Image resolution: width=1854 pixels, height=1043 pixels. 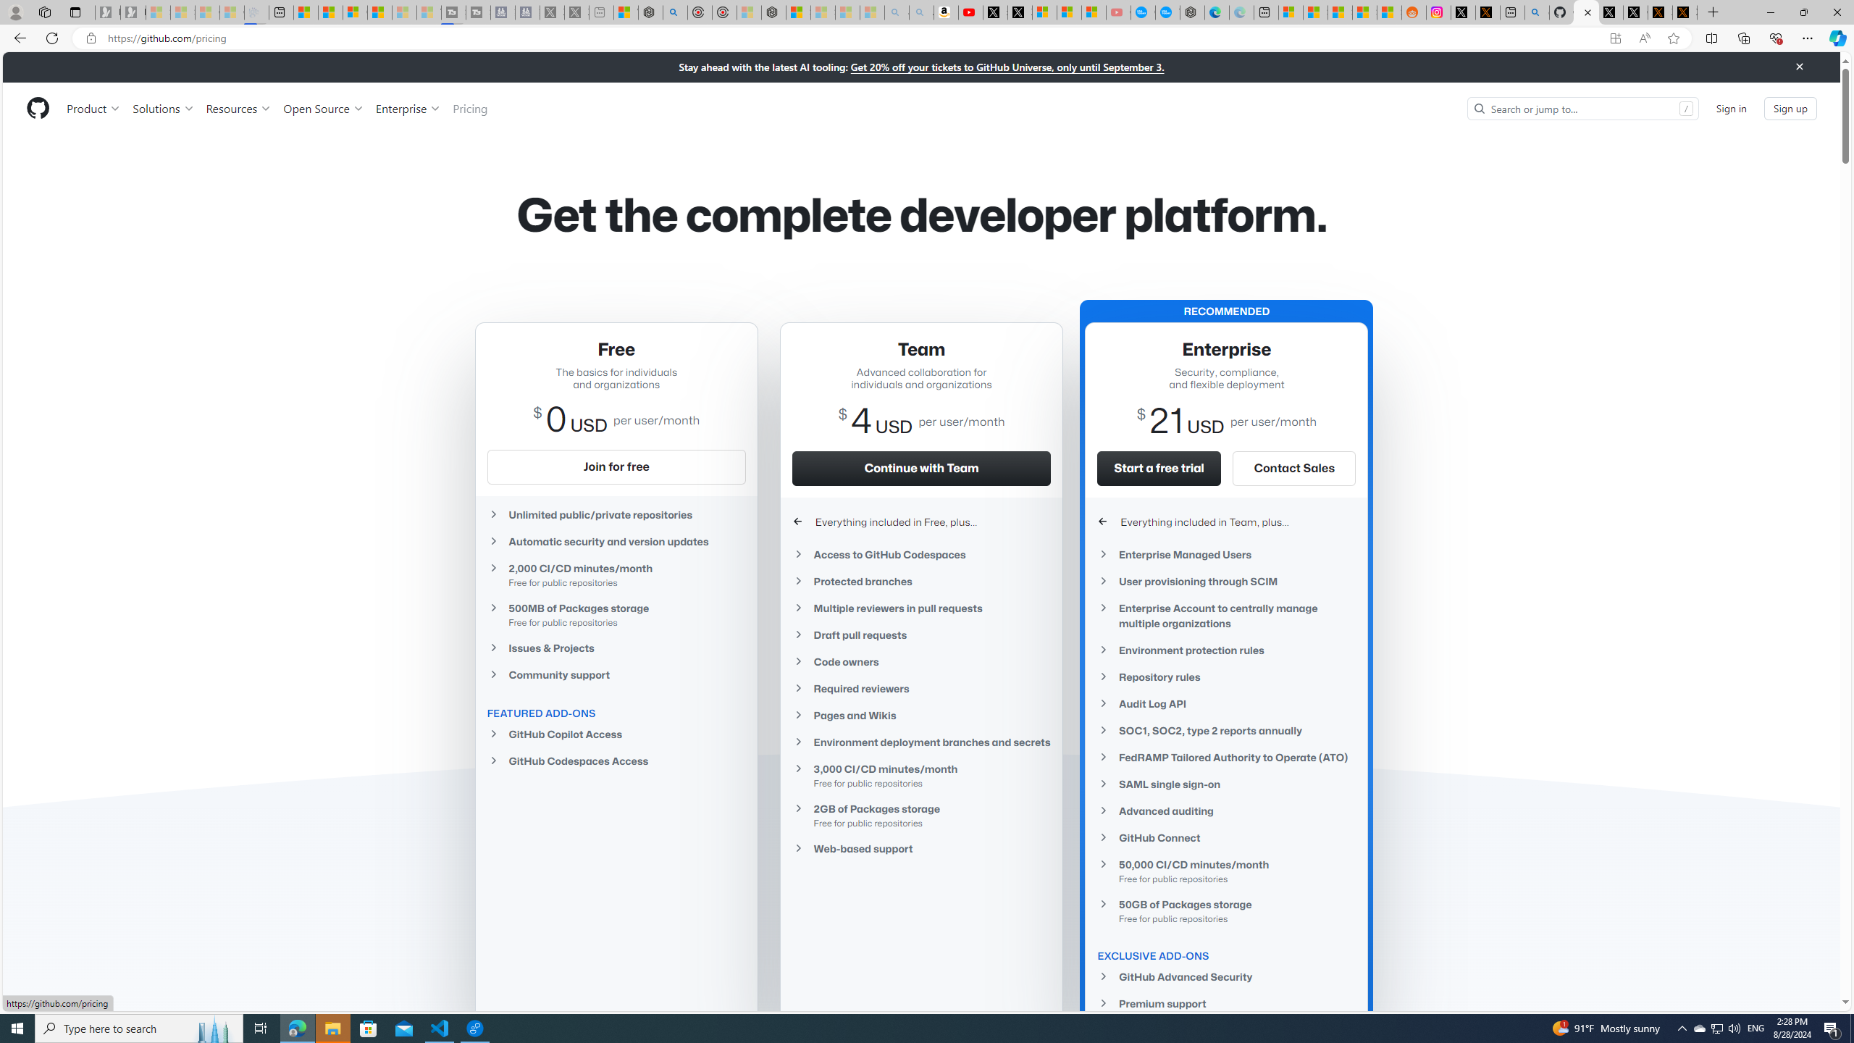 I want to click on 'The most popular Google ', so click(x=1167, y=12).